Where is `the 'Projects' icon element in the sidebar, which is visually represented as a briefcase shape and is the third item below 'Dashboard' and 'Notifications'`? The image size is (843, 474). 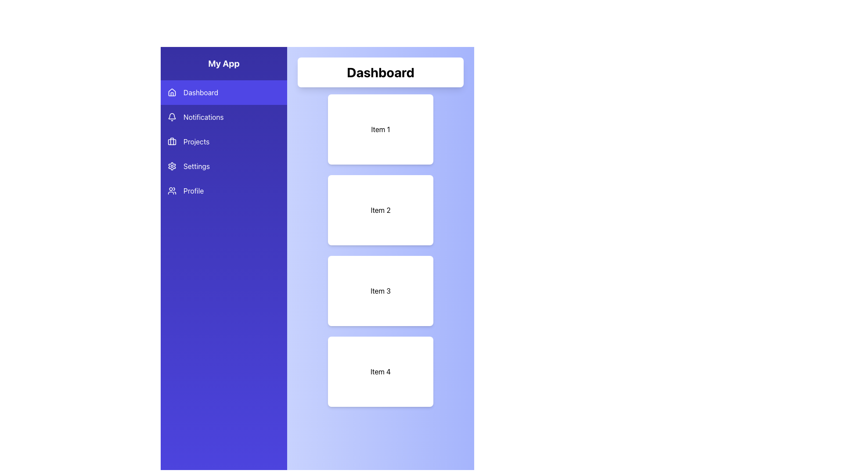
the 'Projects' icon element in the sidebar, which is visually represented as a briefcase shape and is the third item below 'Dashboard' and 'Notifications' is located at coordinates (172, 141).